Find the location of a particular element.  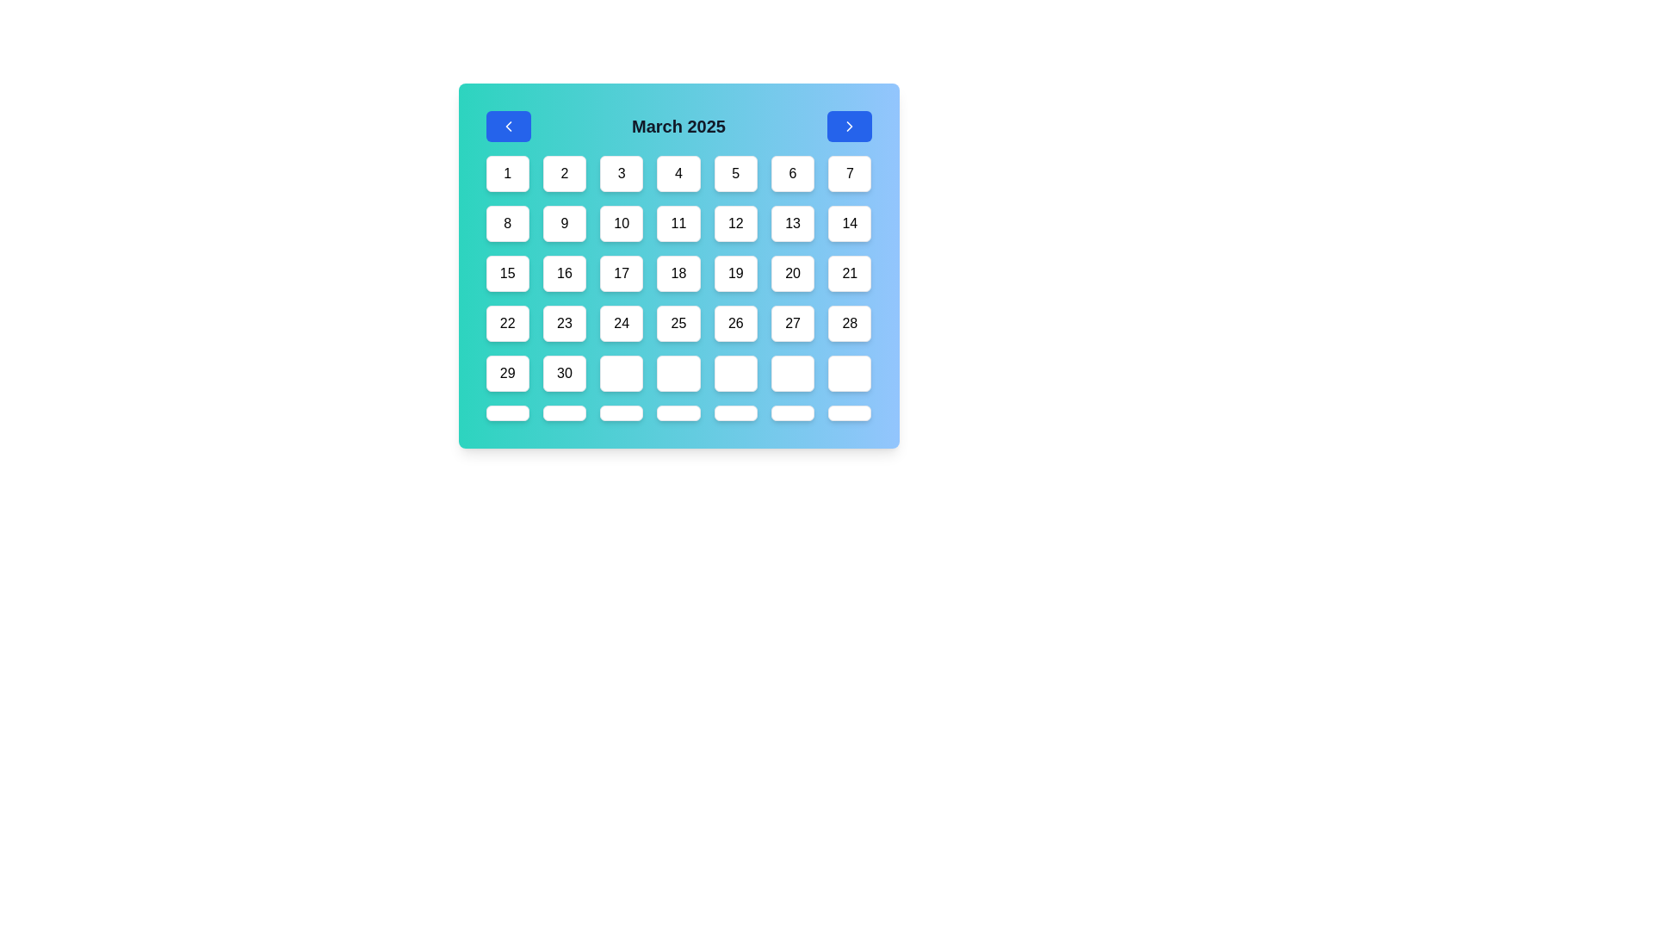

the visual style of the placeholder box element located in the bottommost row, fourth from the left in the calendar grid is located at coordinates (678, 412).